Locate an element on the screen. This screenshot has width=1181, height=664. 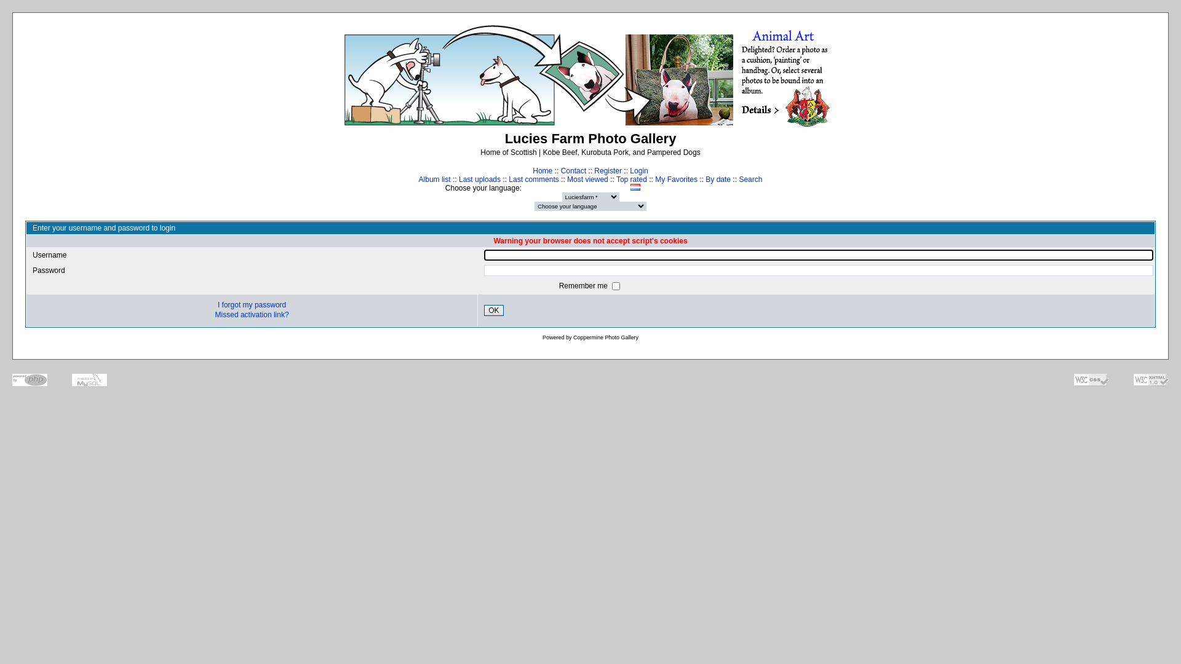
'OK' is located at coordinates (493, 310).